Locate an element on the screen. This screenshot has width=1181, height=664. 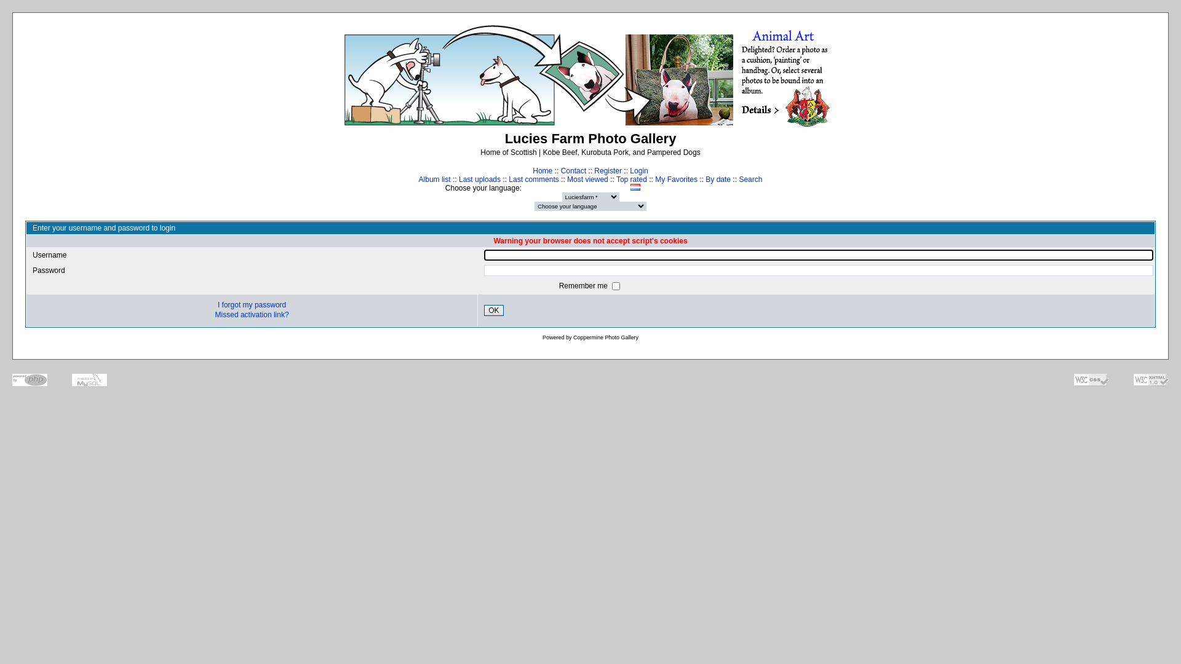
'OK' is located at coordinates (493, 310).